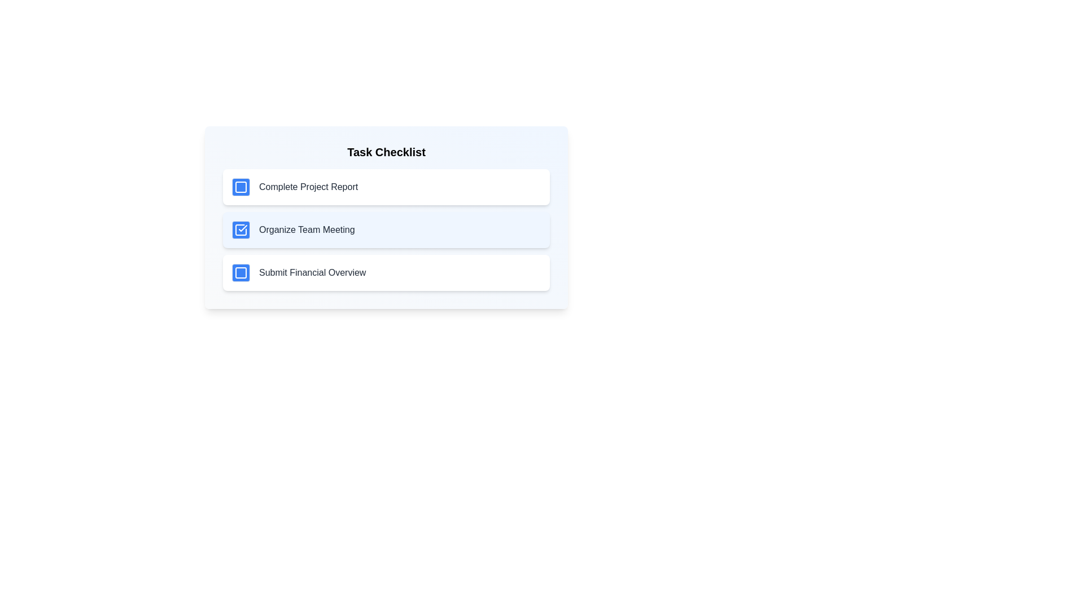 The height and width of the screenshot is (609, 1084). What do you see at coordinates (386, 186) in the screenshot?
I see `the task Complete Project Report to observe the hover effect` at bounding box center [386, 186].